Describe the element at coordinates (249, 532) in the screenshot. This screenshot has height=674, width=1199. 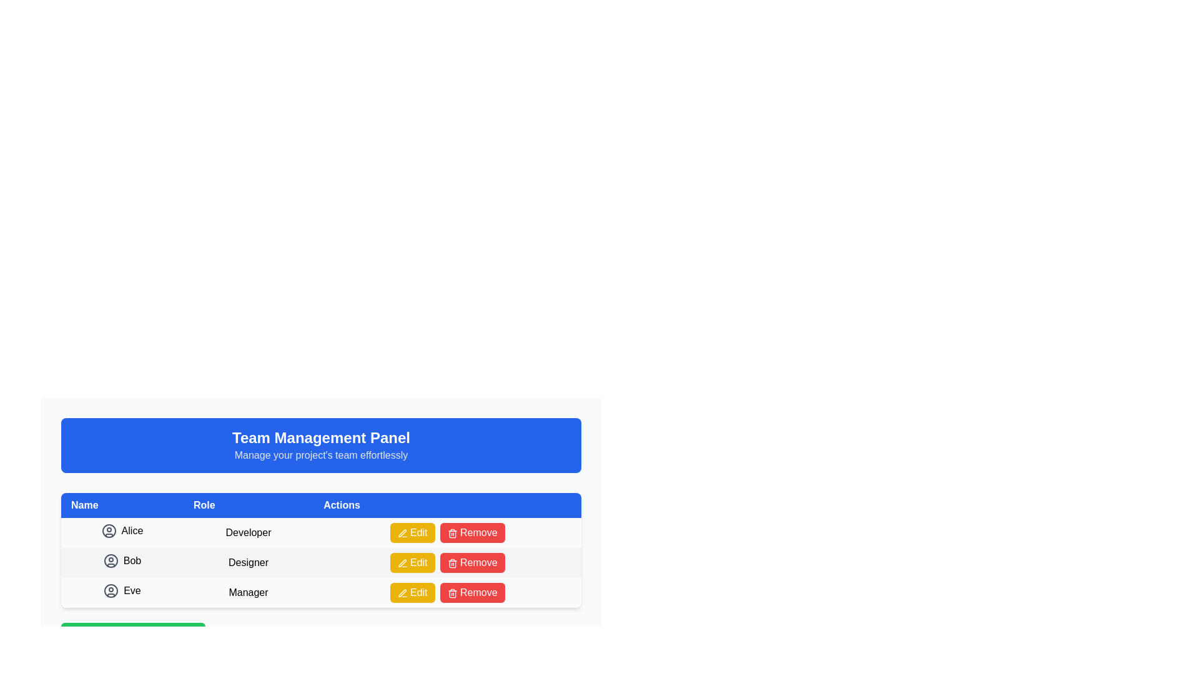
I see `the static text label displaying 'Developer' which is centrally aligned in the light gray background under the 'Role' column for user 'Alice'` at that location.